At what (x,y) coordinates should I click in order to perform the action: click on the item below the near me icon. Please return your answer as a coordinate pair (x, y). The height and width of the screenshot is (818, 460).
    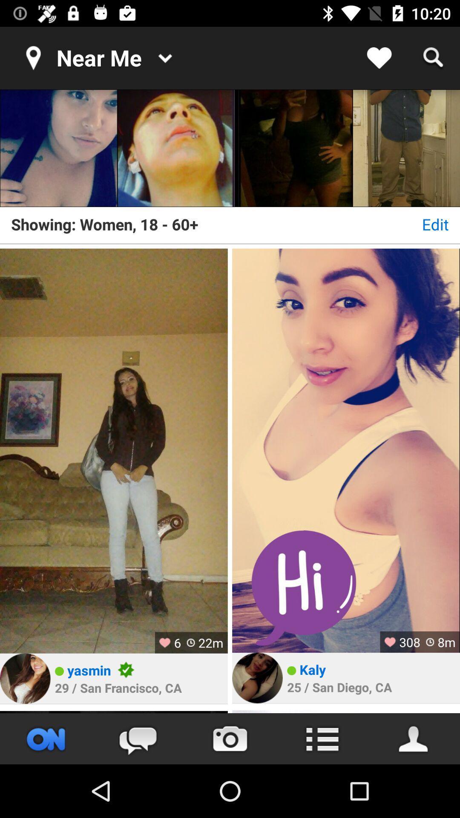
    Looking at the image, I should click on (58, 148).